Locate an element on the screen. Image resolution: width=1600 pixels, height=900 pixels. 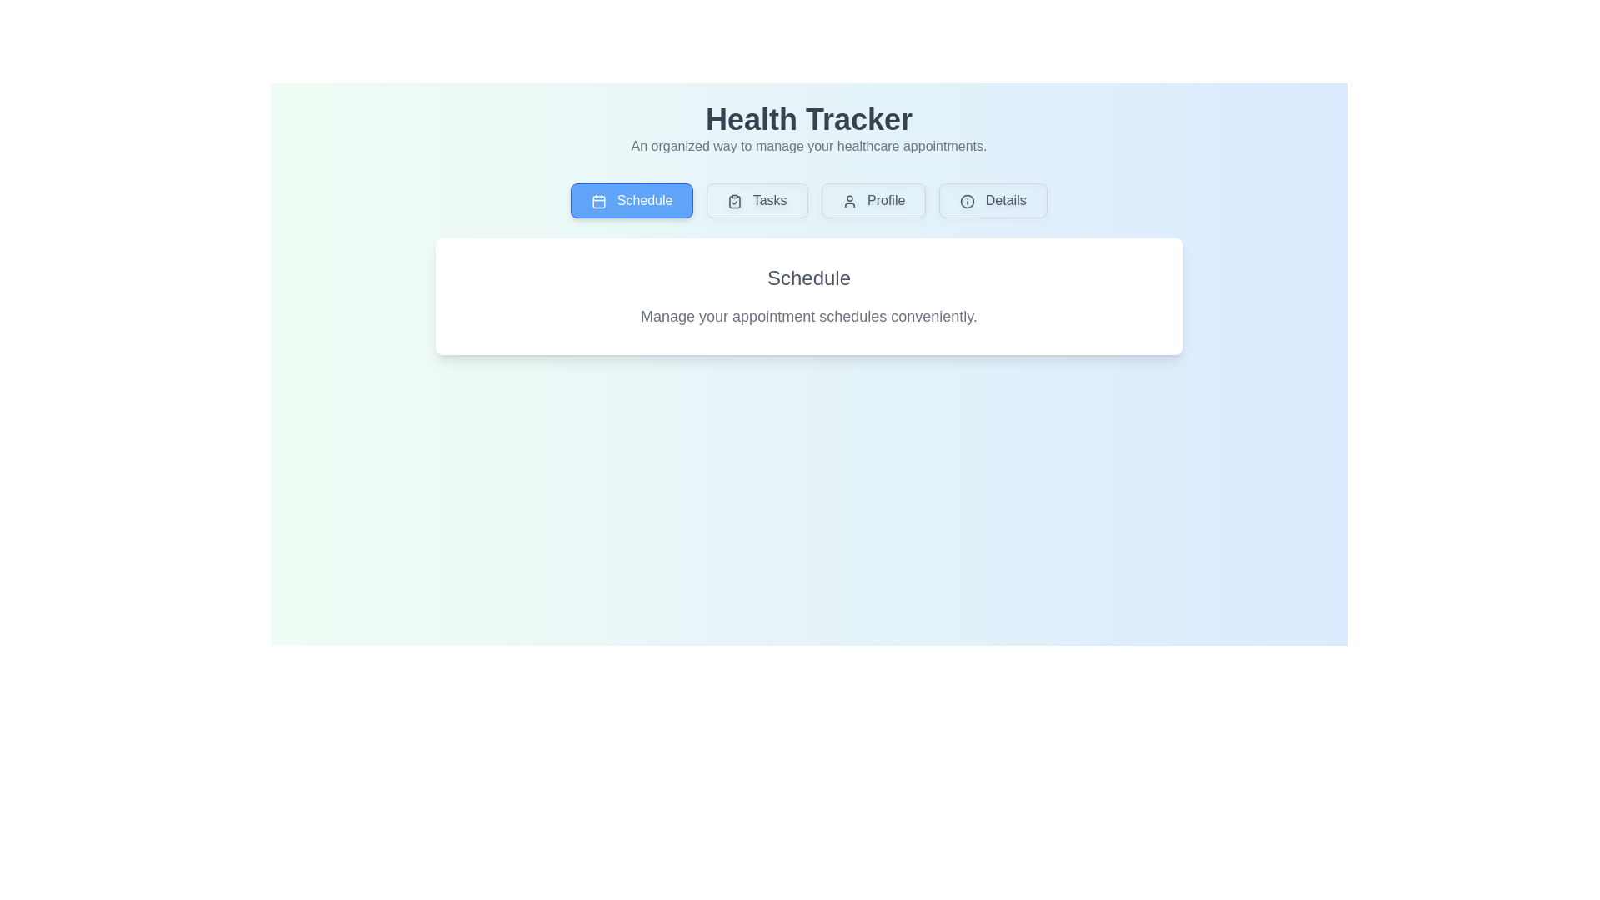
the Details tab by clicking on its button is located at coordinates (992, 199).